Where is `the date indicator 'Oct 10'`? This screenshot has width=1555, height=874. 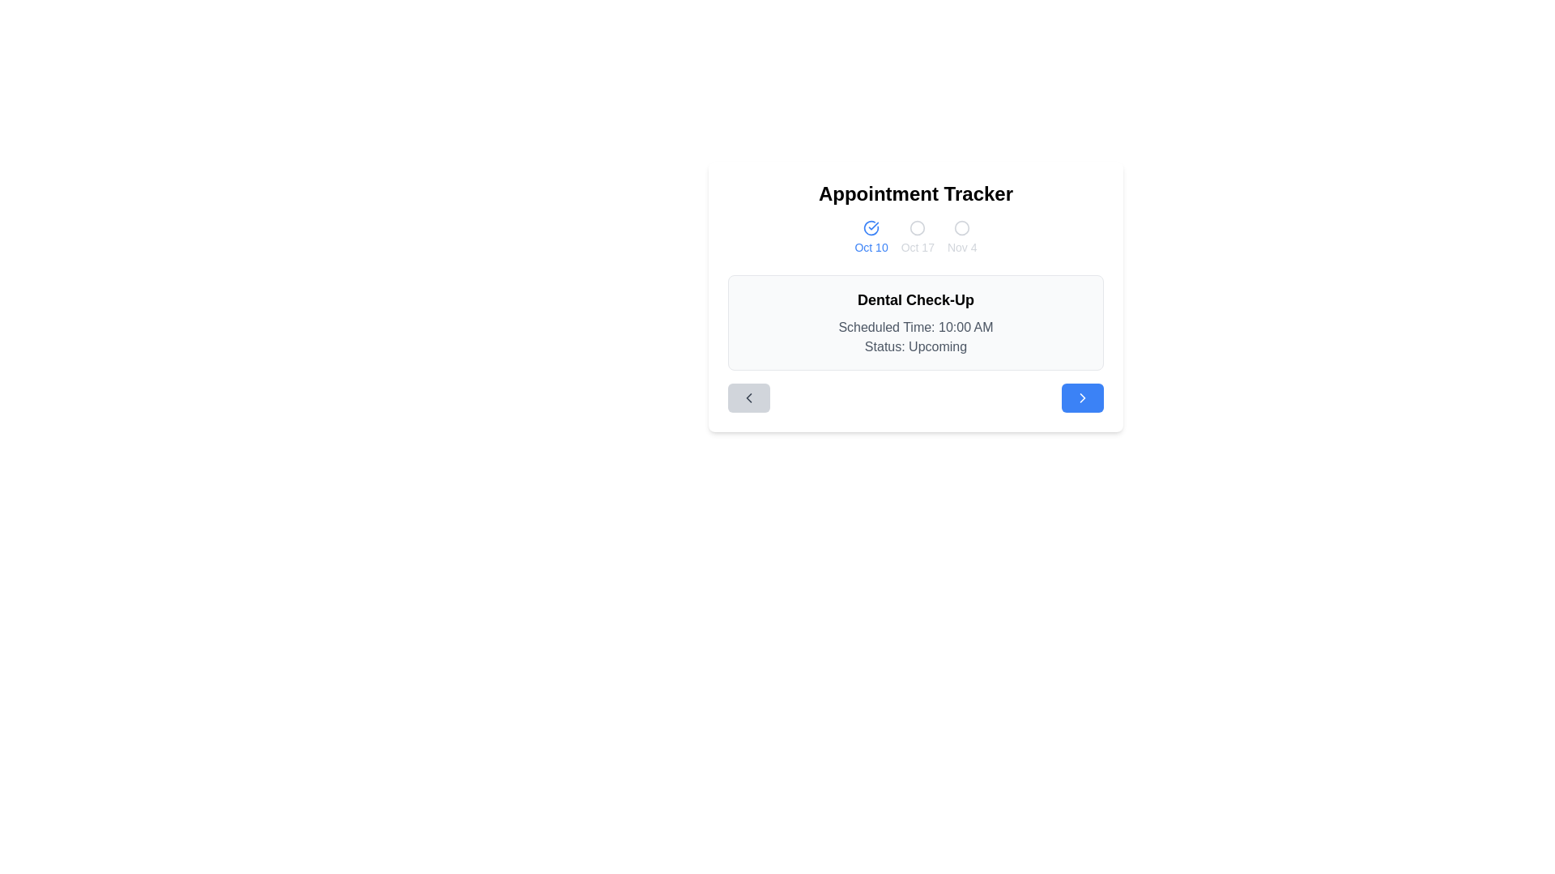
the date indicator 'Oct 10' is located at coordinates (916, 237).